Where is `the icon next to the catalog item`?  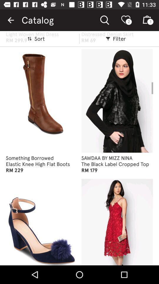 the icon next to the catalog item is located at coordinates (11, 20).